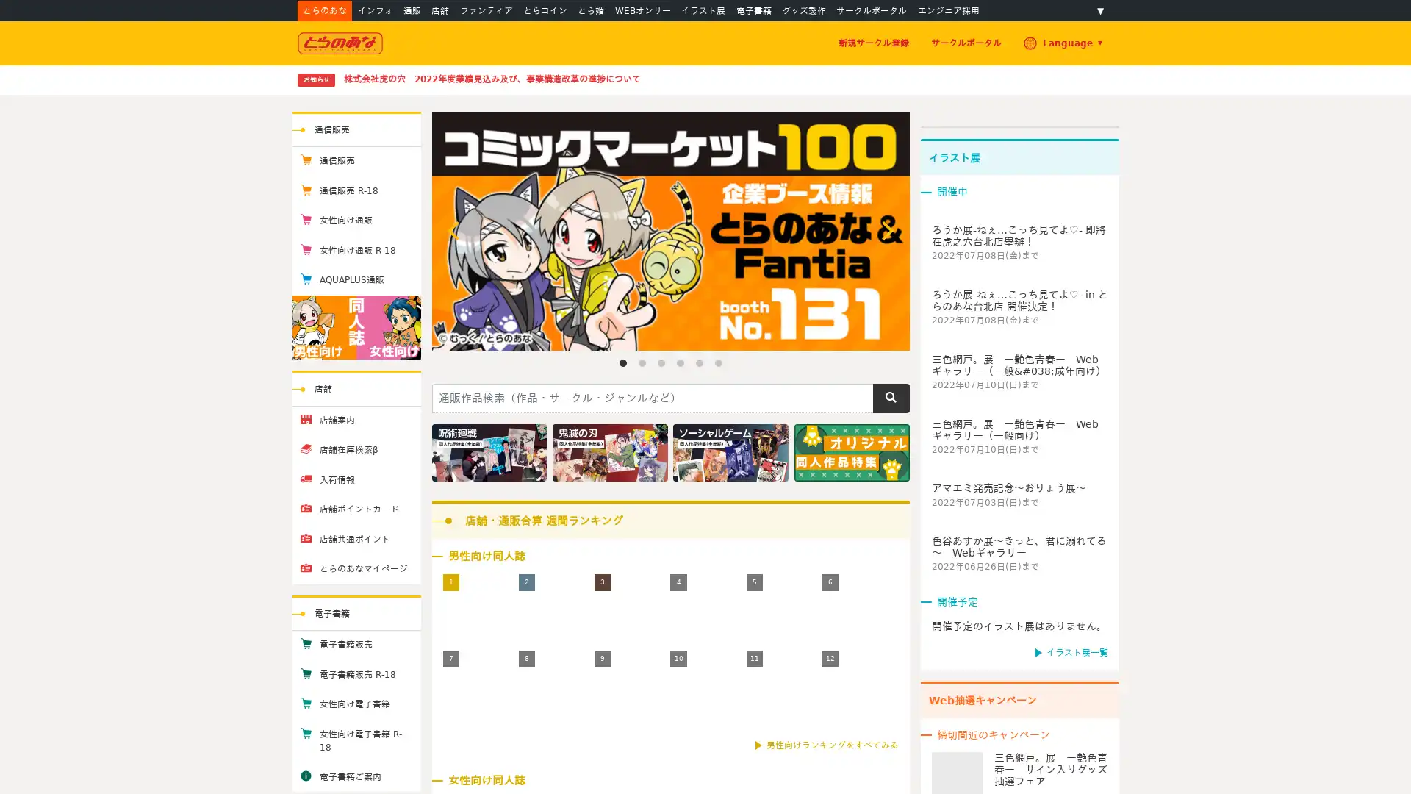 The width and height of the screenshot is (1411, 794). Describe the element at coordinates (884, 230) in the screenshot. I see `Next` at that location.